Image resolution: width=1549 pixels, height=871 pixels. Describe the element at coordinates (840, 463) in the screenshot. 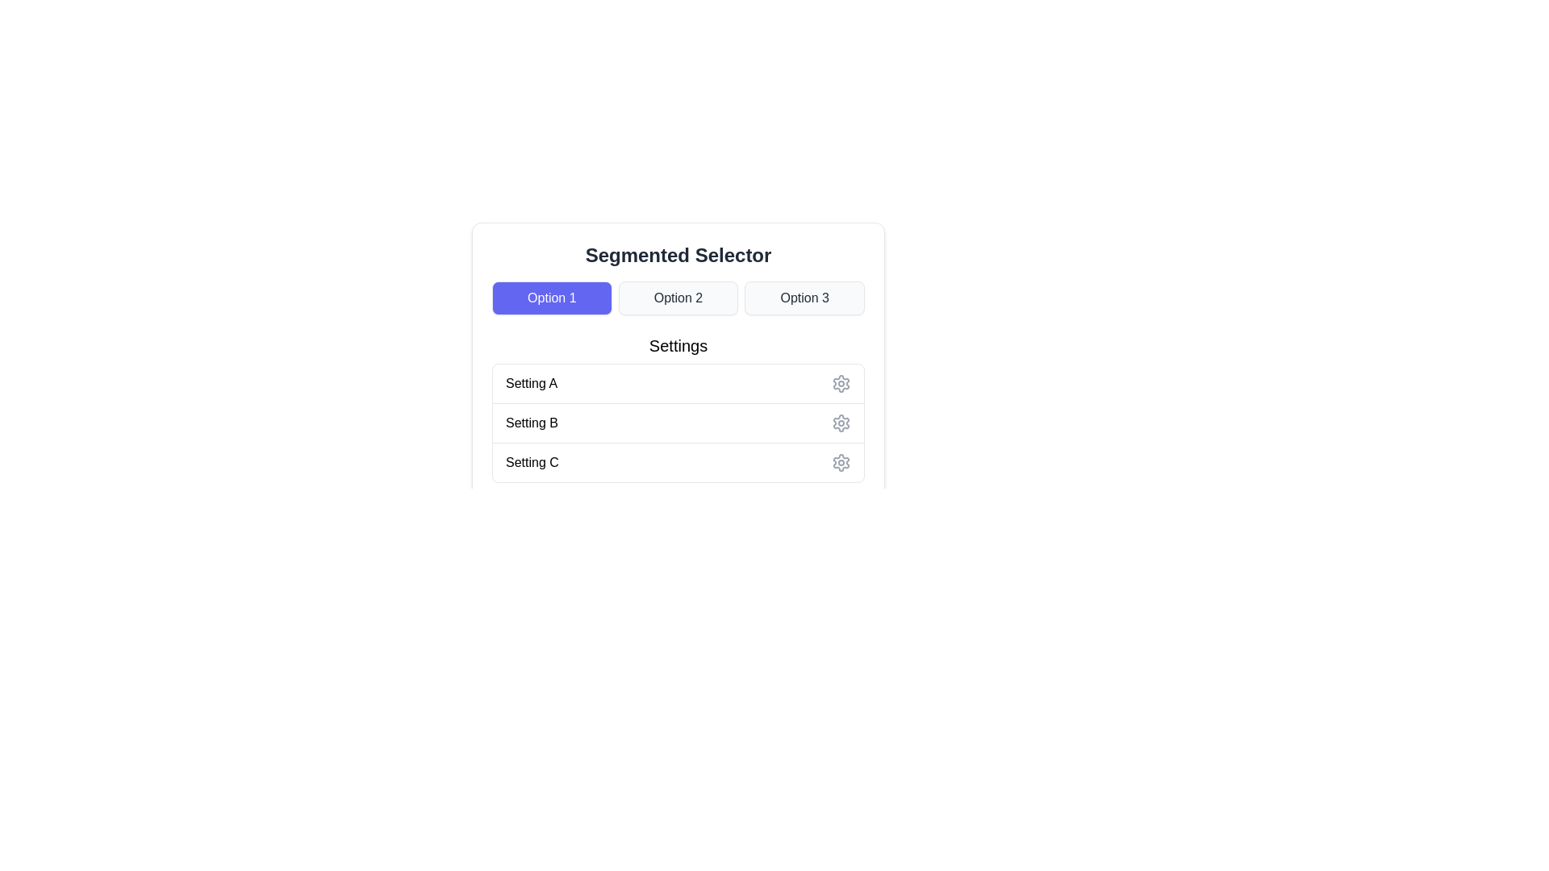

I see `the settings icon for 'Setting C' located at the far-right end of the third row in the settings list` at that location.